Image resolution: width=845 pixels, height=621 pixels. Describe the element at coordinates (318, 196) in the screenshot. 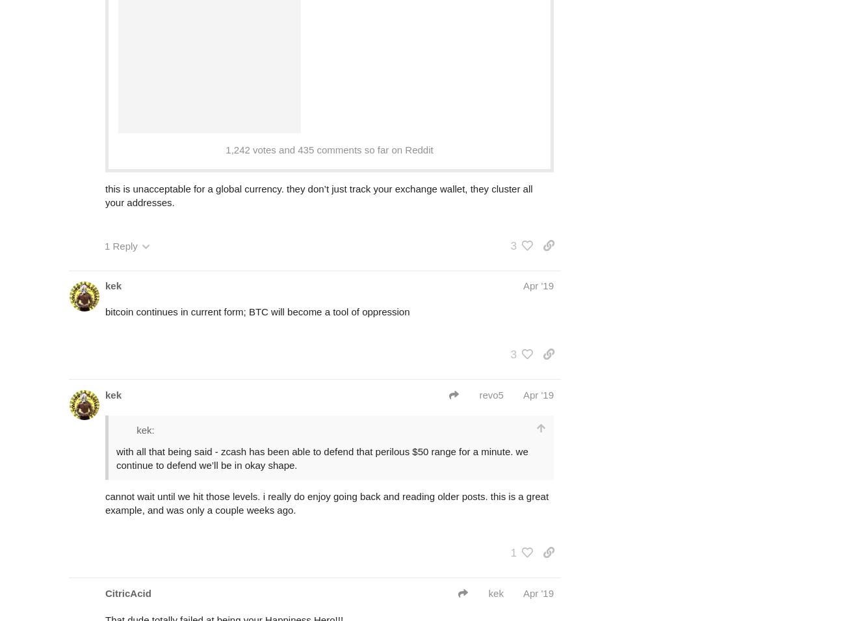

I see `'this is unacceptable for a global currency. they don’t just track your exchange wallet, they cluster all your addresses.'` at that location.